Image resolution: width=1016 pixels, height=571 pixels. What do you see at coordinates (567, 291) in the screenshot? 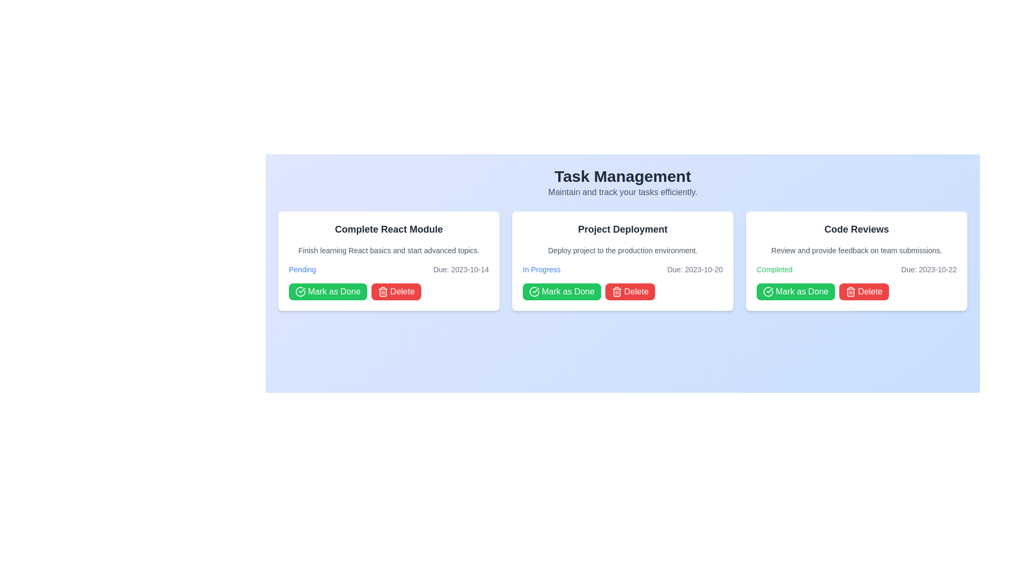
I see `the text label that indicates 'Mark as Done' in the middle card titled 'Project Deployment'` at bounding box center [567, 291].